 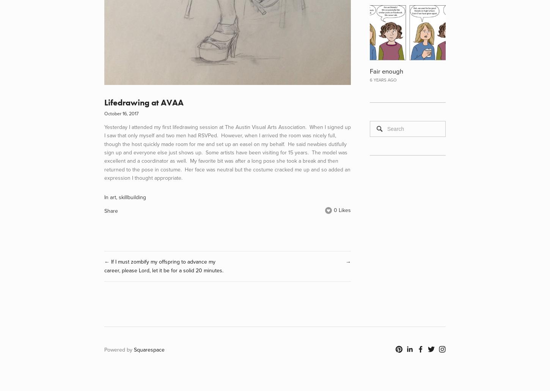 I want to click on 'October 16, 2017', so click(x=121, y=113).